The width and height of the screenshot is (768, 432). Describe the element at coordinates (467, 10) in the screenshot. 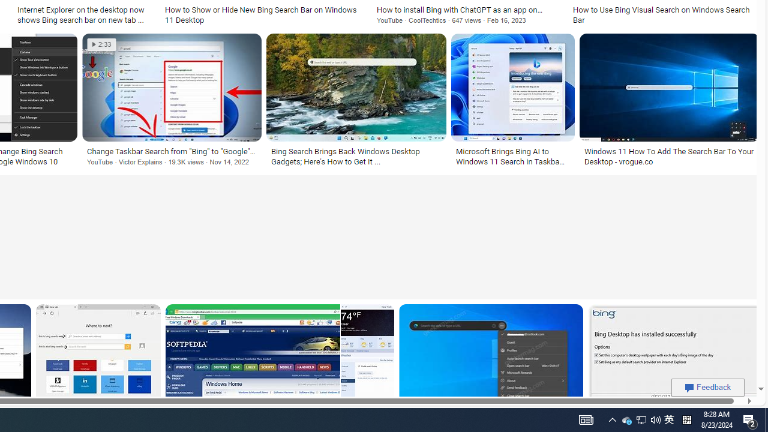

I see `'How to install Bing with ChatGPT as an app on Windows 11'` at that location.